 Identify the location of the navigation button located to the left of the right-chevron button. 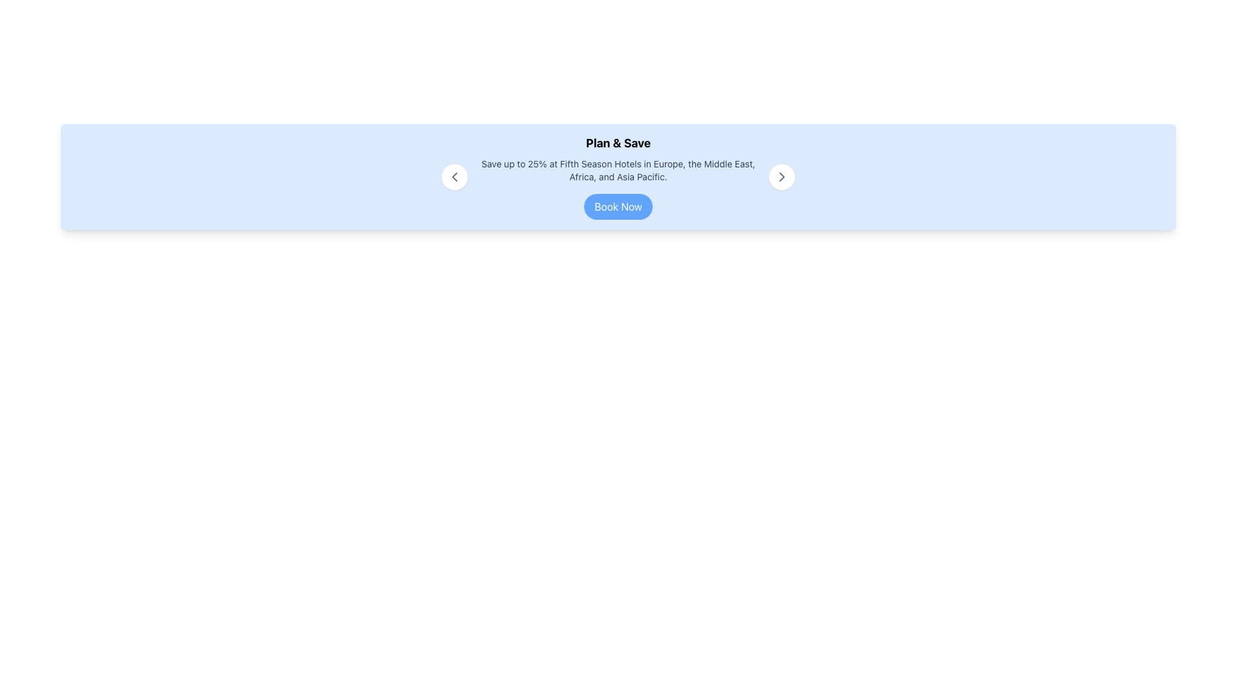
(454, 176).